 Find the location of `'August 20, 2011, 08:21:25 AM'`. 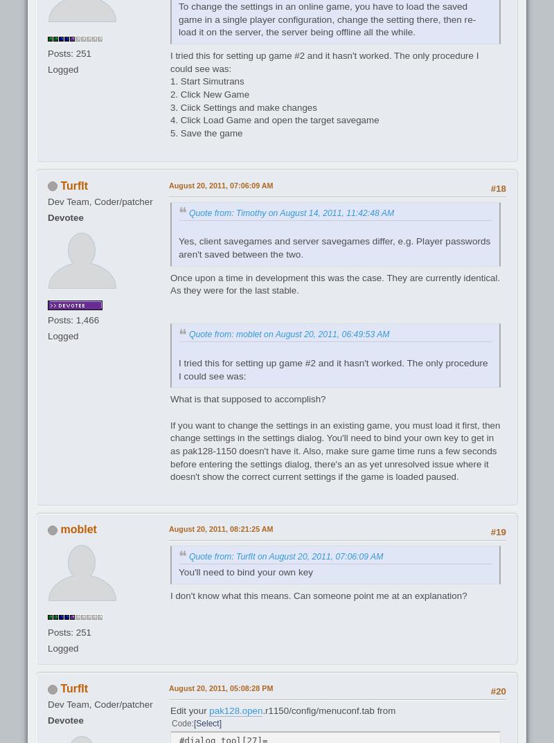

'August 20, 2011, 08:21:25 AM' is located at coordinates (220, 528).